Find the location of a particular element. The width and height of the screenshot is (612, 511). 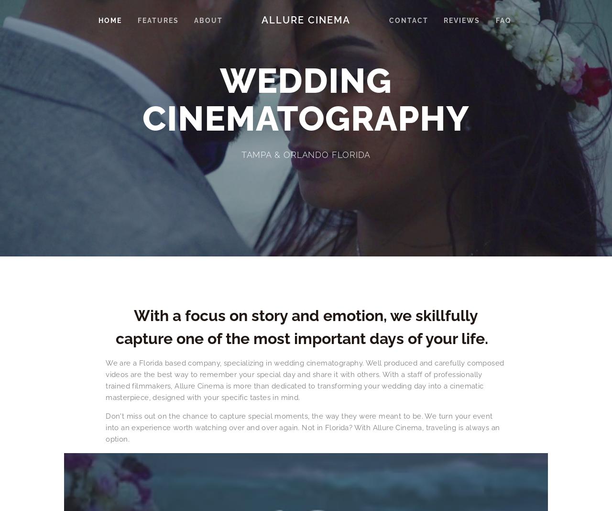

'Reviews' is located at coordinates (443, 19).